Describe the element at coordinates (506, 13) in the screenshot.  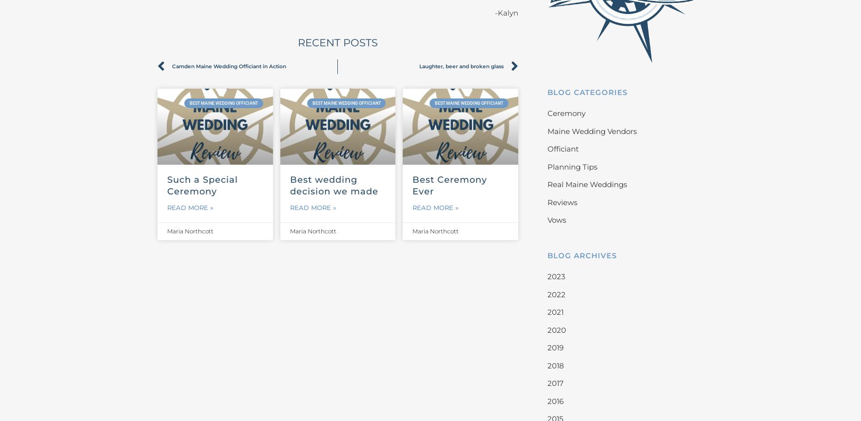
I see `'-Kalyn'` at that location.